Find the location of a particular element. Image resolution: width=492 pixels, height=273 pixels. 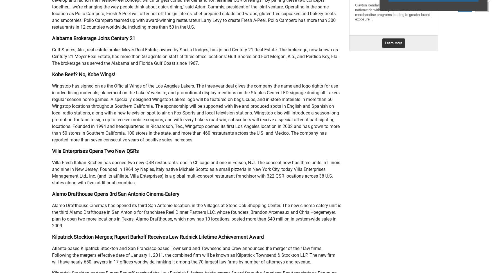

'Clayton Kendall provides franchise communities nationwide with comprehensive branded merchandise programs leading to greater brand exposure,...' is located at coordinates (393, 12).